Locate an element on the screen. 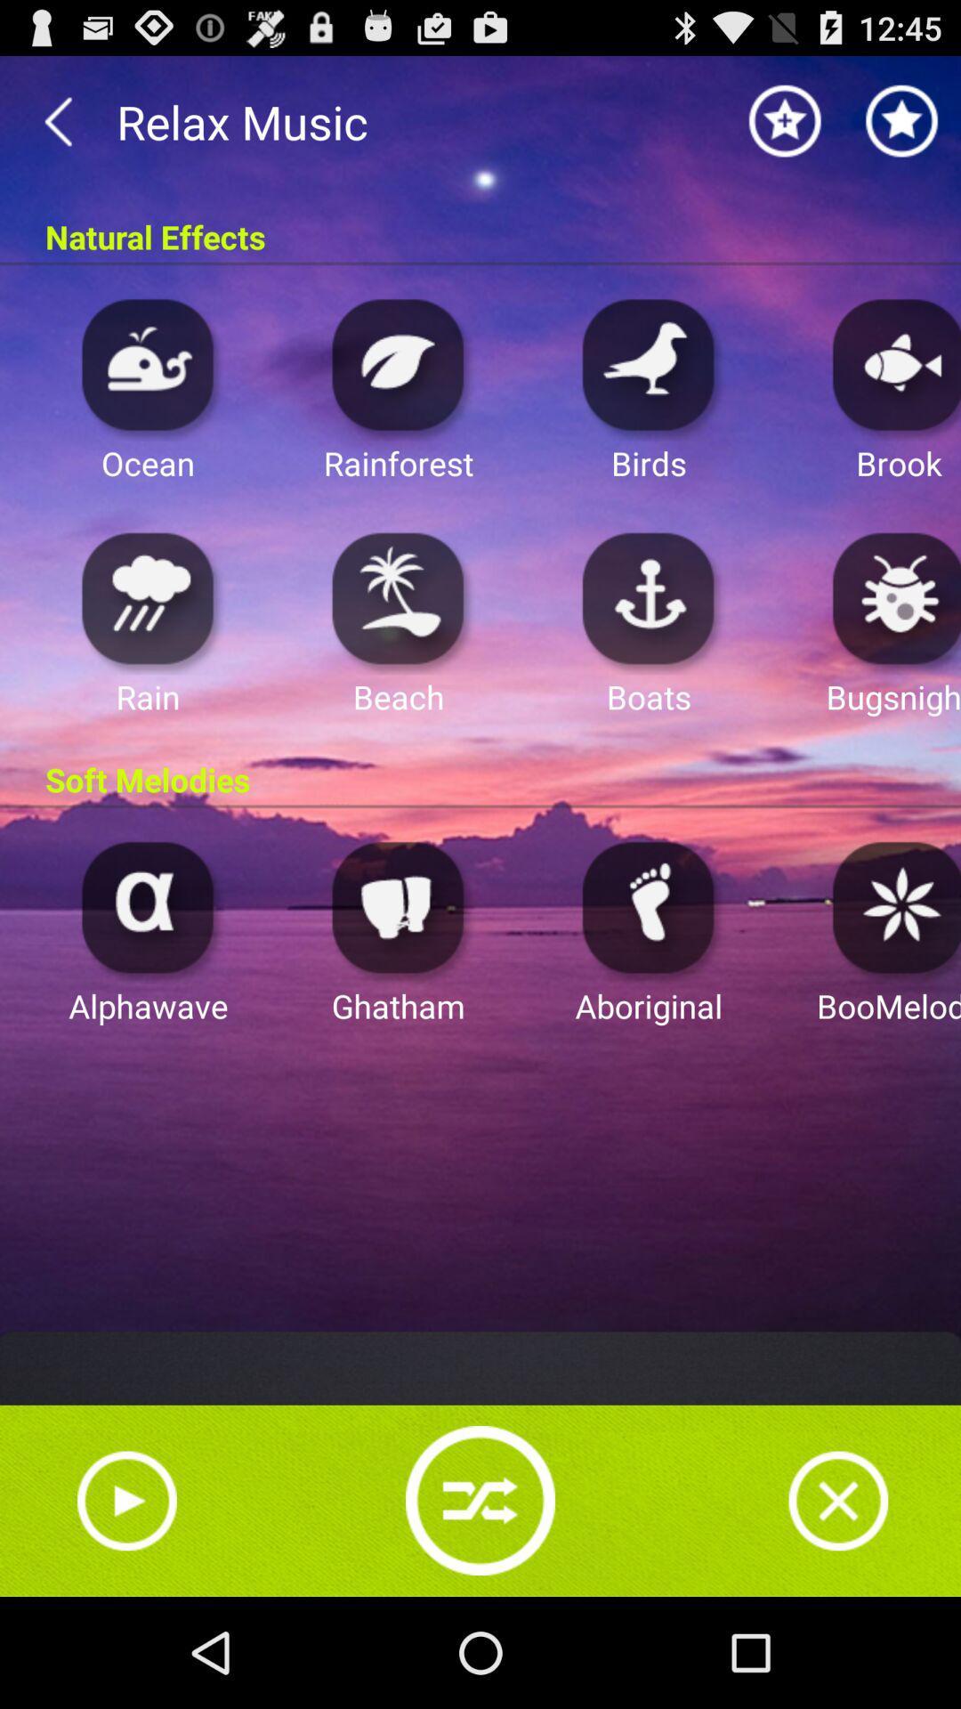  bird sounds is located at coordinates (649, 363).